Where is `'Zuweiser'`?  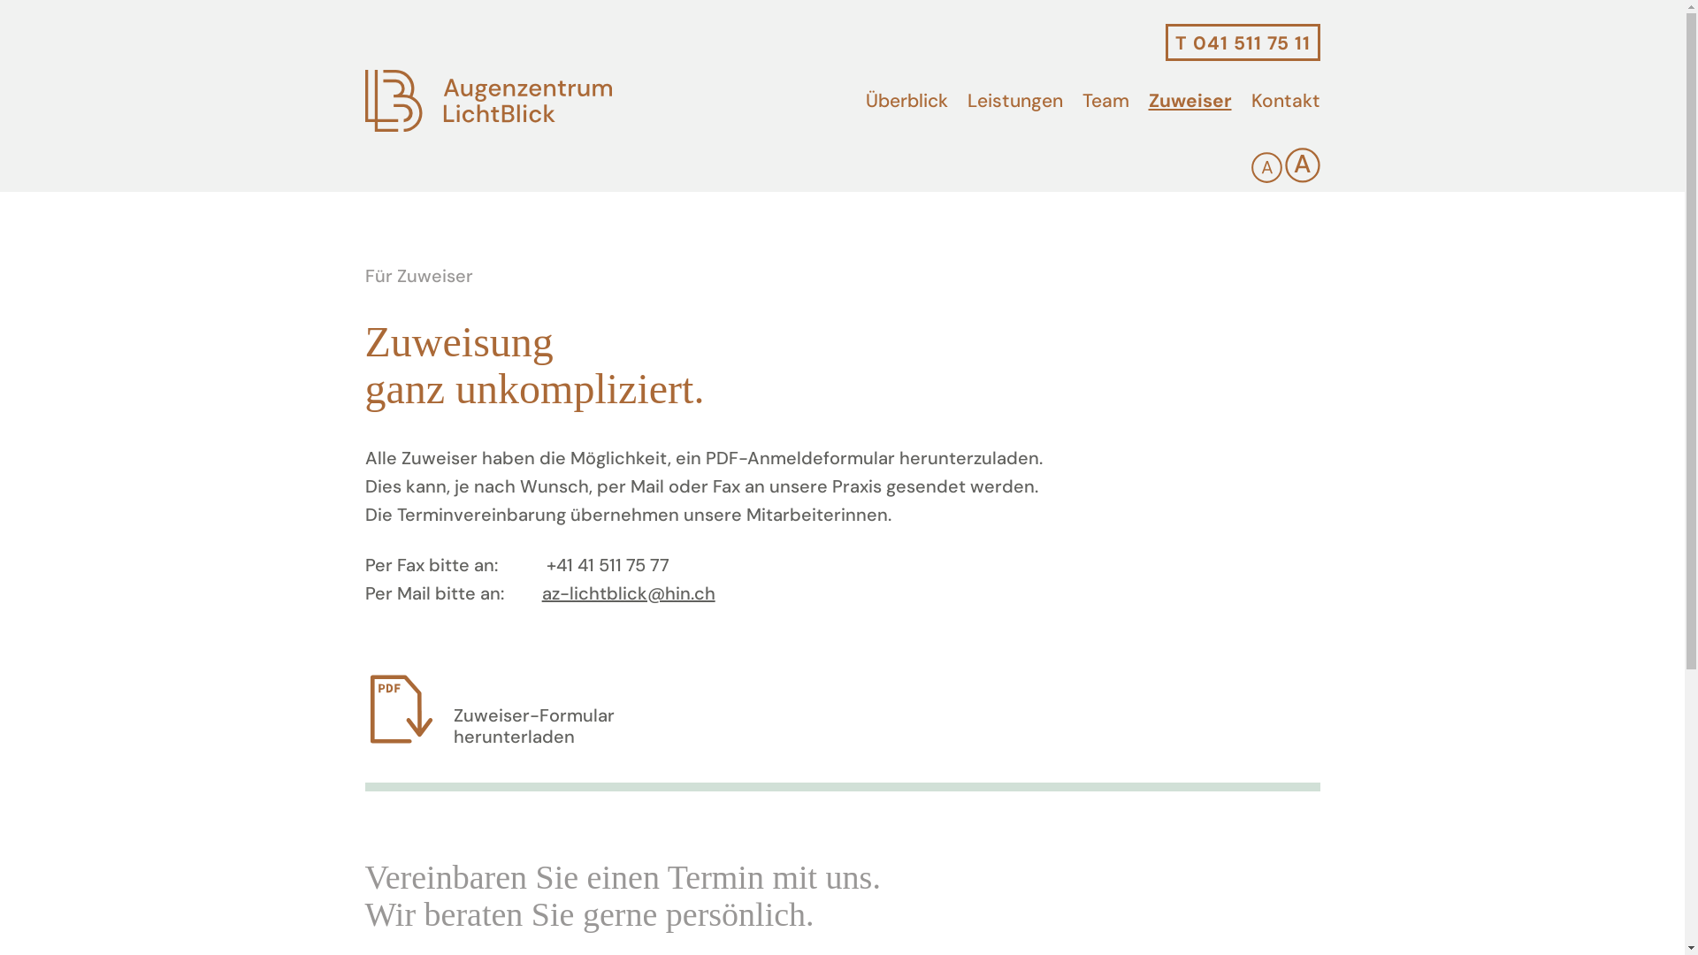 'Zuweiser' is located at coordinates (1189, 101).